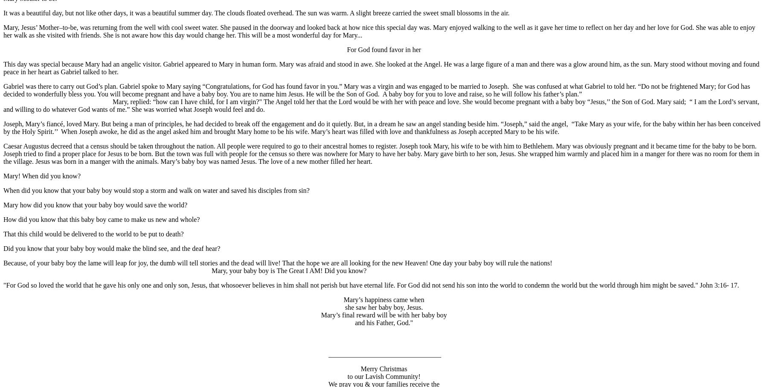  I want to click on 'Gabriel was there to carry out God’s plan. Gabriel spoke to Mary saying “Congratulations, for God has found favor in you.” Mary was a virgin and was engaged to be married to Joseph.  She was confused at what Gabriel to told her. “Do not be frightened Mary; for God has decided to wonderfully bless you. You will become pregnant and have a baby boy. You are to name him Jesus. He will be the Son of God.  A baby boy for you to love and raise, so he will follow his father’s plan.”                                                                                                                                                                           Mary, replied: “how can I have child, for I am virgin?" The Angel told her that the Lord would be with her with peace and love. She would become pregnant with a baby boy “Jesus,’’ the Son of God. Mary said;  “ I am the Lord’s servant, and willing to do whatever God wants of me.” She was worried what Joseph would feel and do.', so click(383, 97).